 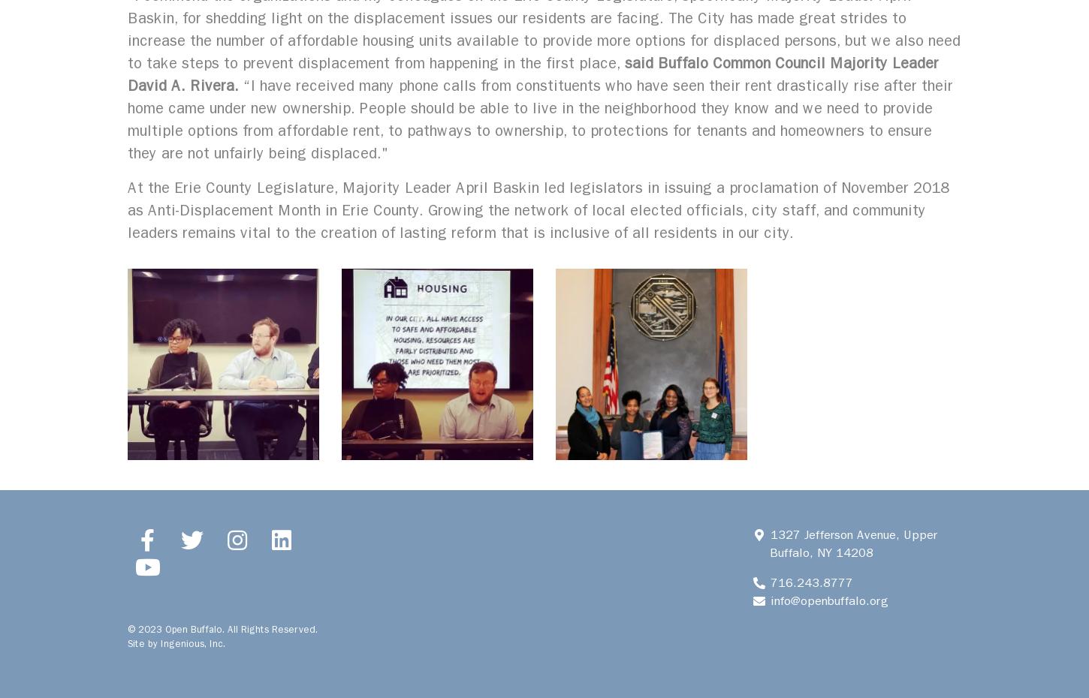 I want to click on 'Buffalo, NY 14208', so click(x=821, y=552).